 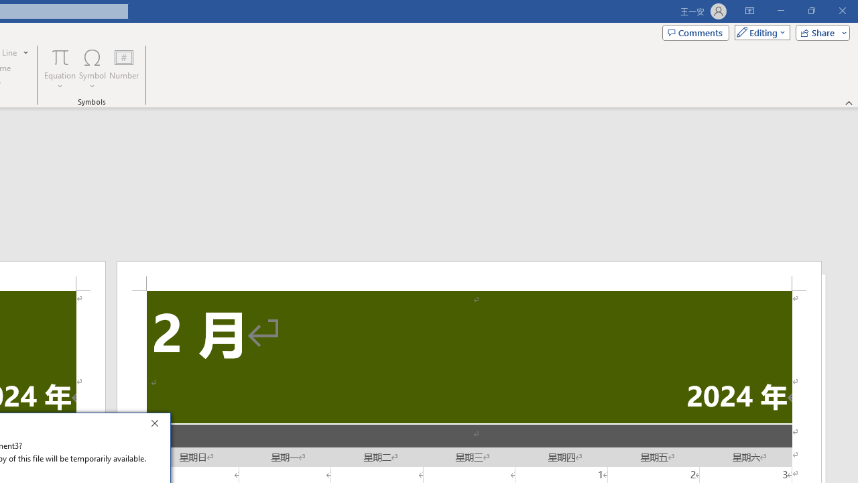 What do you see at coordinates (780, 11) in the screenshot?
I see `'Minimize'` at bounding box center [780, 11].